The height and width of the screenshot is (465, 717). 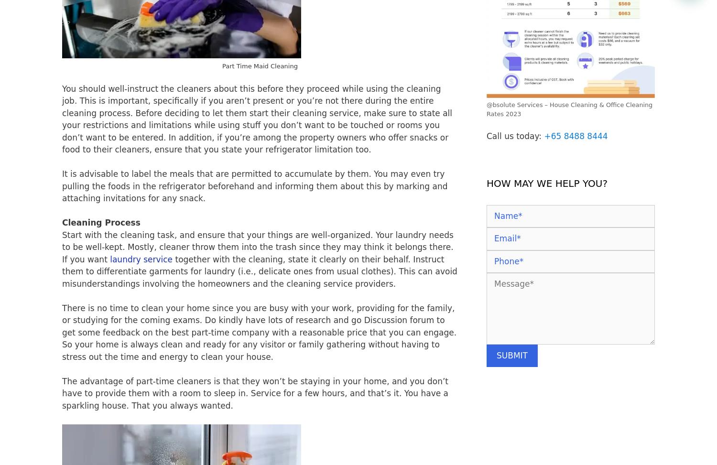 What do you see at coordinates (62, 271) in the screenshot?
I see `'together with the cleaning, state it clearly on their behalf. Instruct them to differentiate garments for laundry (i.e., delicate ones from usual clothes). This can avoid misunderstandings involving the homeowners and the cleaning service providers.'` at bounding box center [62, 271].